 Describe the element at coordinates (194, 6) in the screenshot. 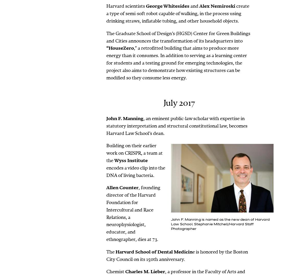

I see `'and'` at that location.